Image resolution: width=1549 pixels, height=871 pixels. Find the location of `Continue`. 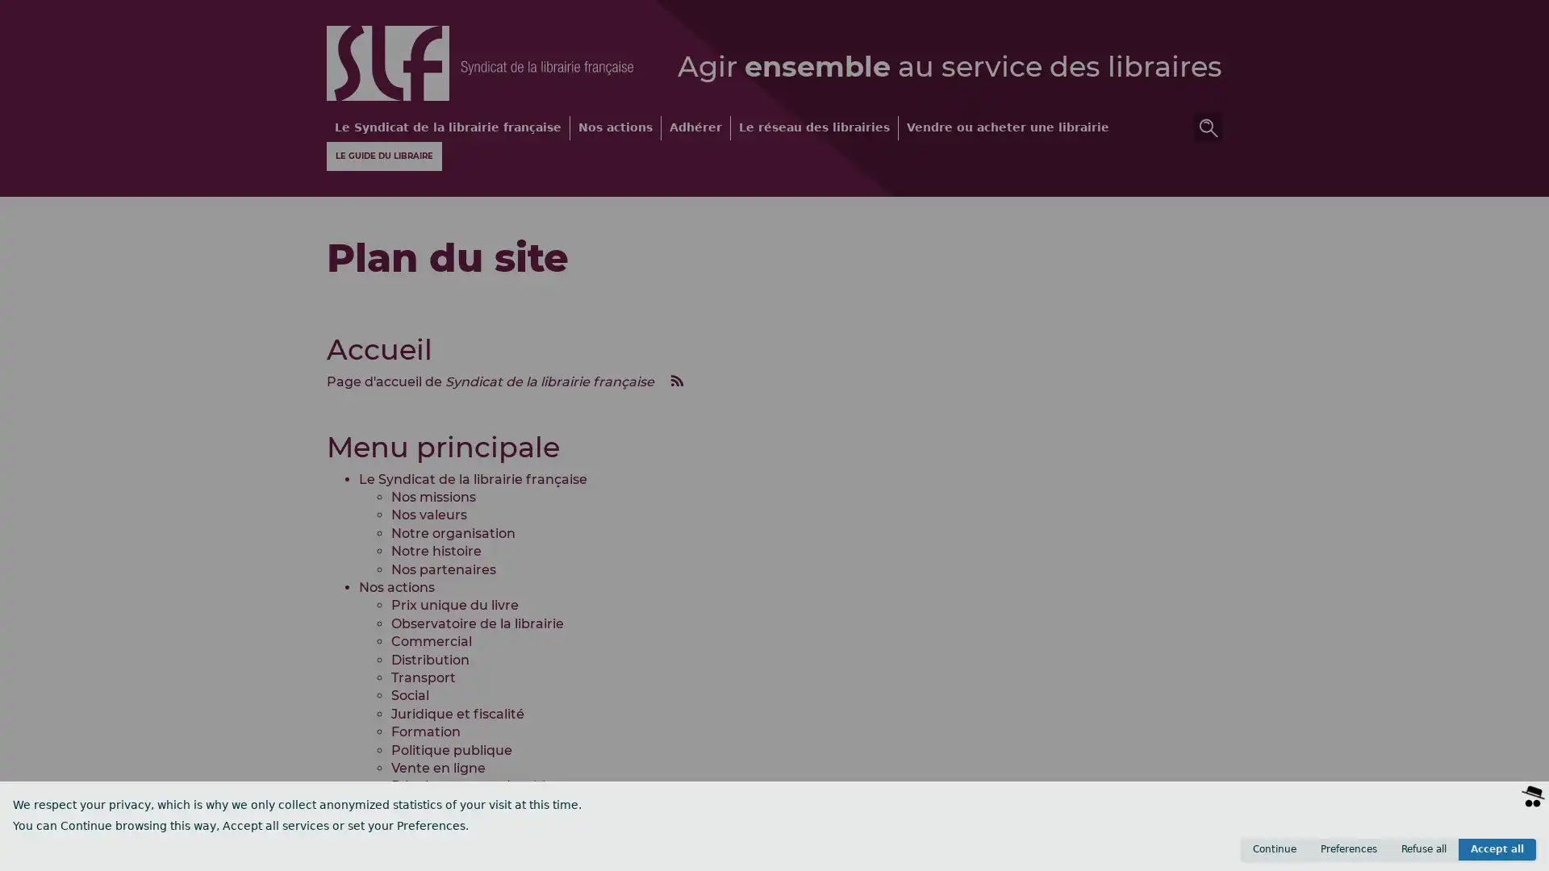

Continue is located at coordinates (1273, 848).